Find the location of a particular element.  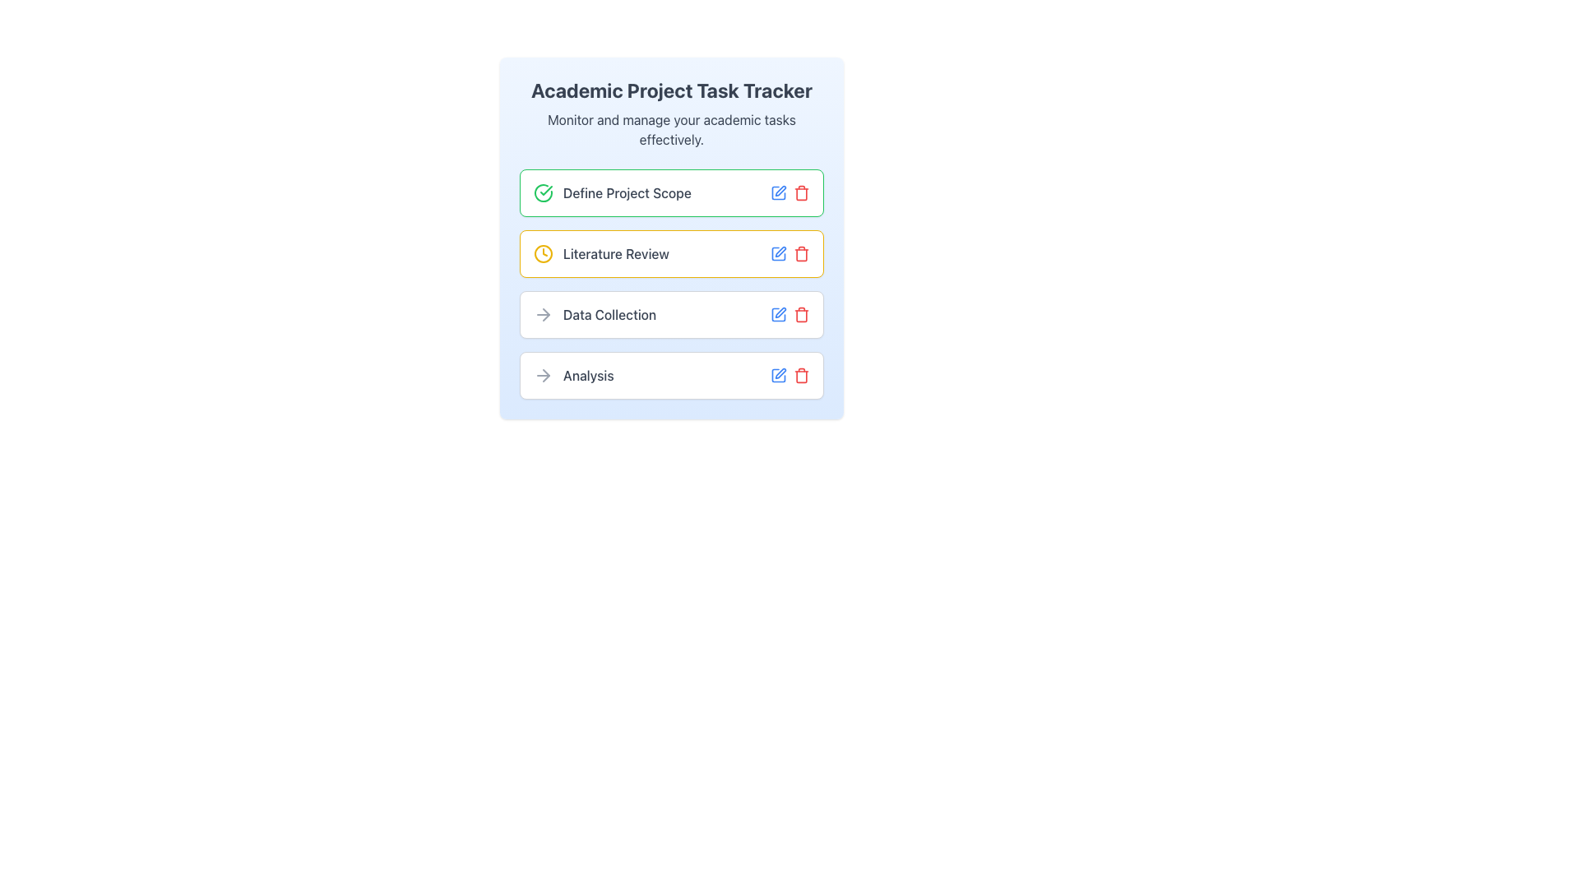

the edit icon located to the right of the 'Define Project Scope' text is located at coordinates (789, 192).